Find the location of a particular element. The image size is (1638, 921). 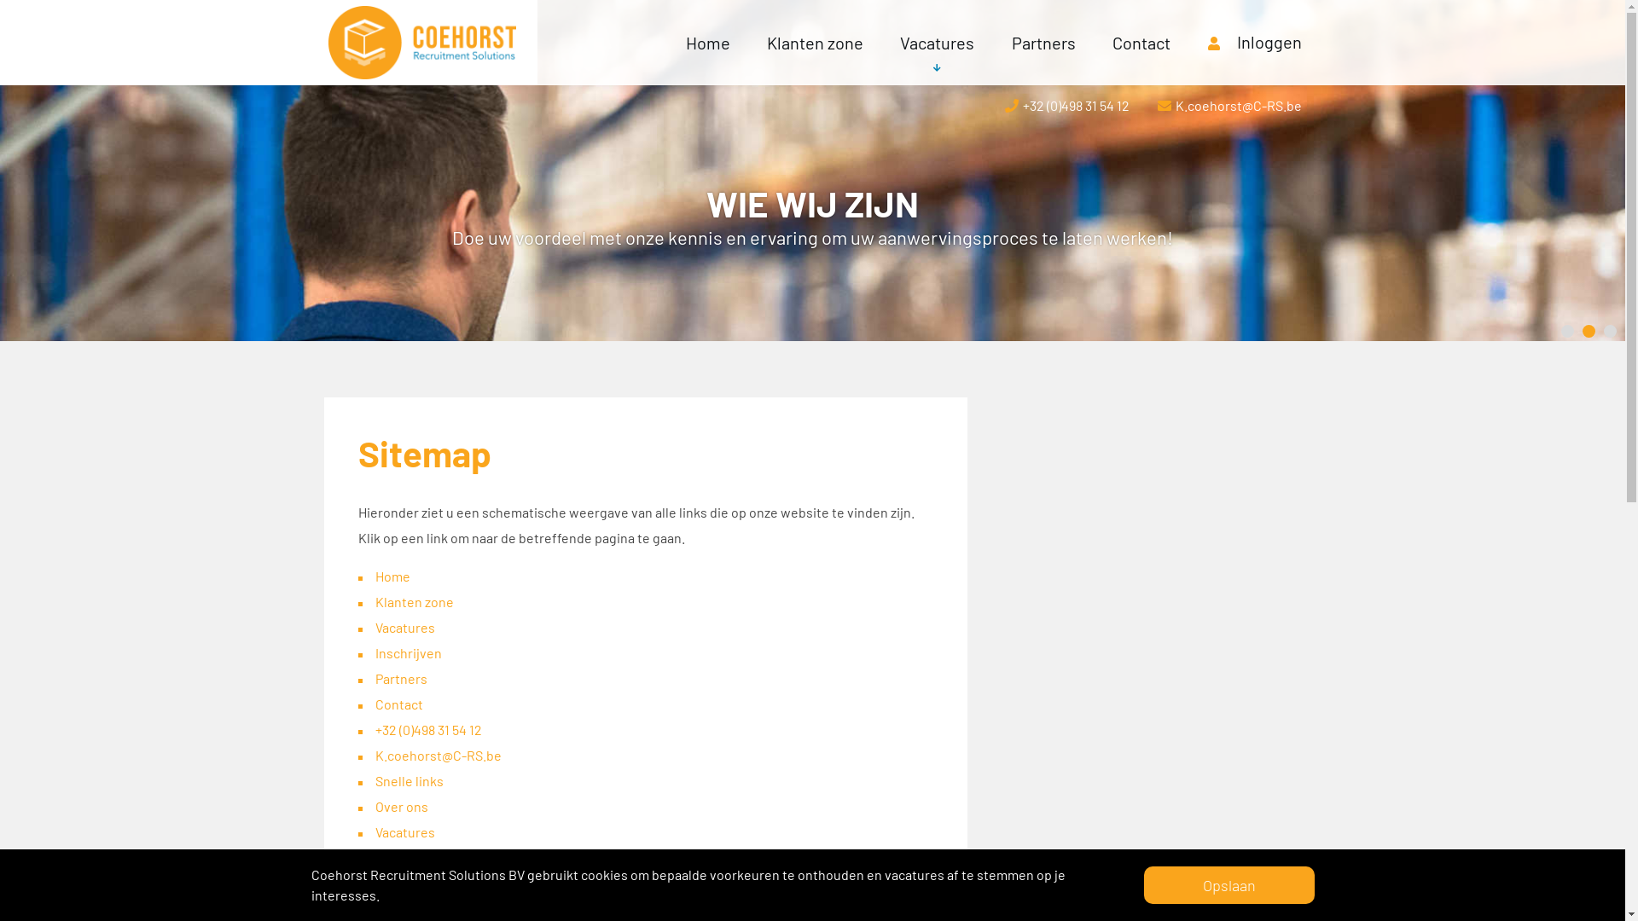

'1' is located at coordinates (1567, 331).